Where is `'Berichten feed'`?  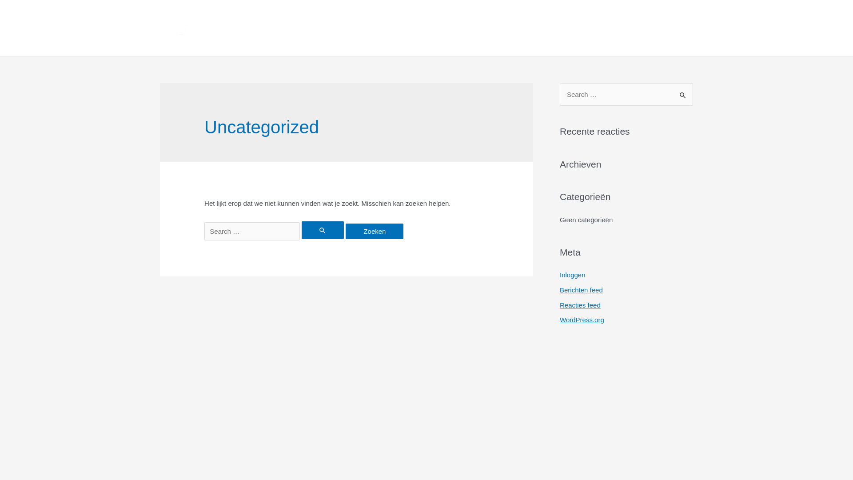 'Berichten feed' is located at coordinates (559, 290).